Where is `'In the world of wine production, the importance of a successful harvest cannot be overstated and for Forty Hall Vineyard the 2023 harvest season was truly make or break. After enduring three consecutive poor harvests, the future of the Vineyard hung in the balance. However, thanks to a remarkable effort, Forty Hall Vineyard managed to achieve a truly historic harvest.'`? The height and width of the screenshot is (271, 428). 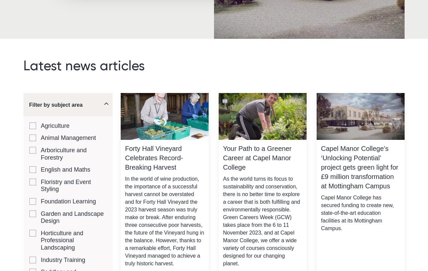
'In the world of wine production, the importance of a successful harvest cannot be overstated and for Forty Hall Vineyard the 2023 harvest season was truly make or break. After enduring three consecutive poor harvests, the future of the Vineyard hung in the balance. However, thanks to a remarkable effort, Forty Hall Vineyard managed to achieve a truly historic harvest.' is located at coordinates (165, 220).